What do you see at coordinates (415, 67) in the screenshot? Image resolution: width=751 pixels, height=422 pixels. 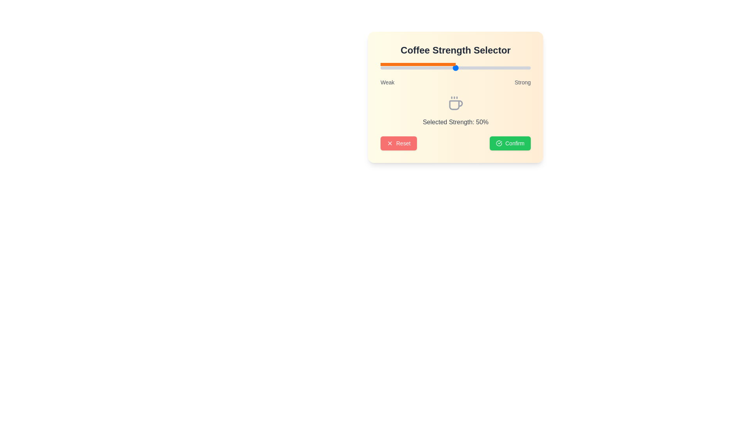 I see `the coffee strength` at bounding box center [415, 67].